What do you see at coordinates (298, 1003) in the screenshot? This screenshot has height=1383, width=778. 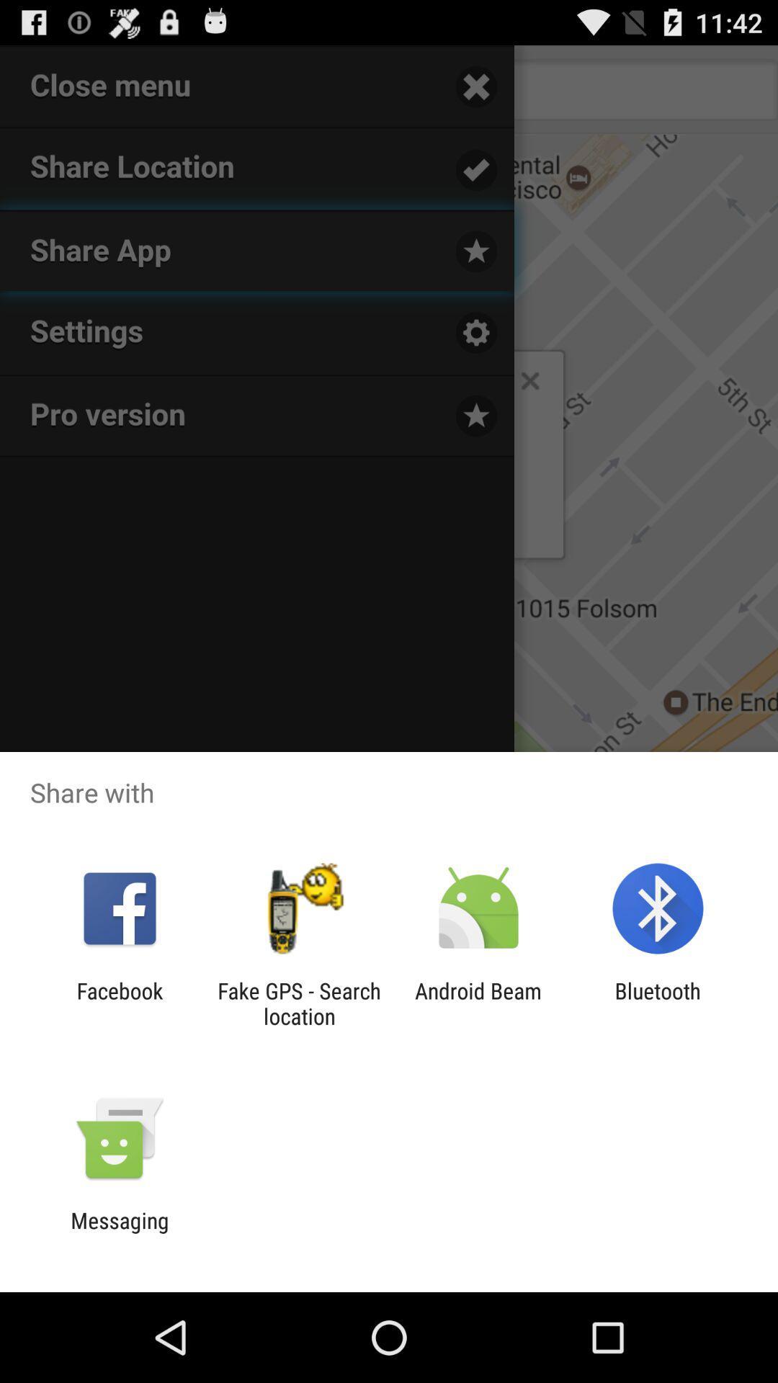 I see `fake gps search icon` at bounding box center [298, 1003].